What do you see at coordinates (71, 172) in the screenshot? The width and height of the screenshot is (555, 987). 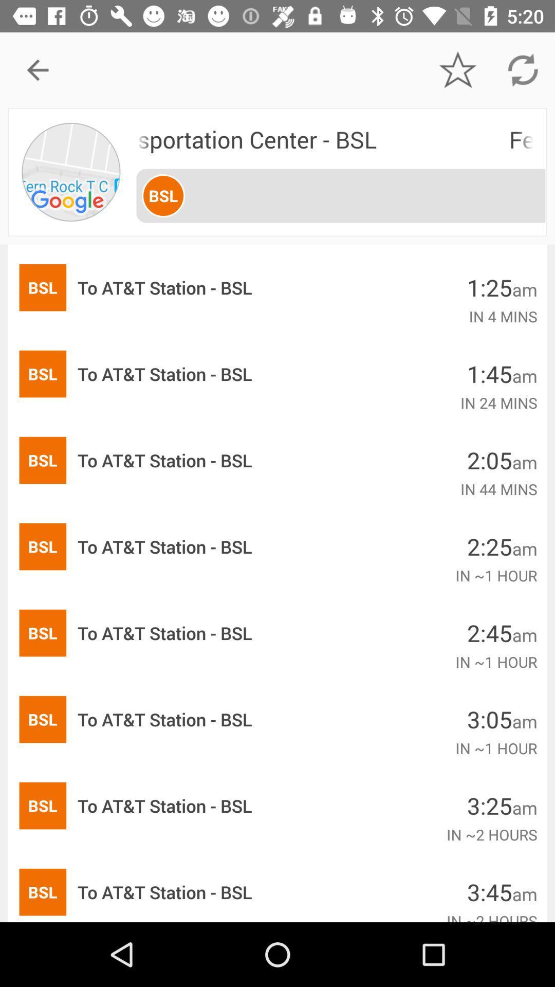 I see `the icon next to the fern rock transportation icon` at bounding box center [71, 172].